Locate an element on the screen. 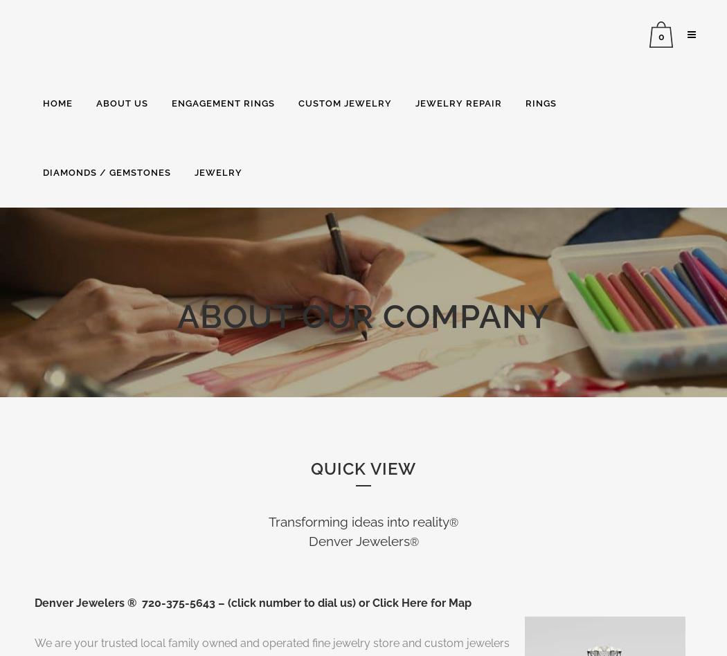 This screenshot has height=656, width=727. 'About Our Company' is located at coordinates (363, 316).